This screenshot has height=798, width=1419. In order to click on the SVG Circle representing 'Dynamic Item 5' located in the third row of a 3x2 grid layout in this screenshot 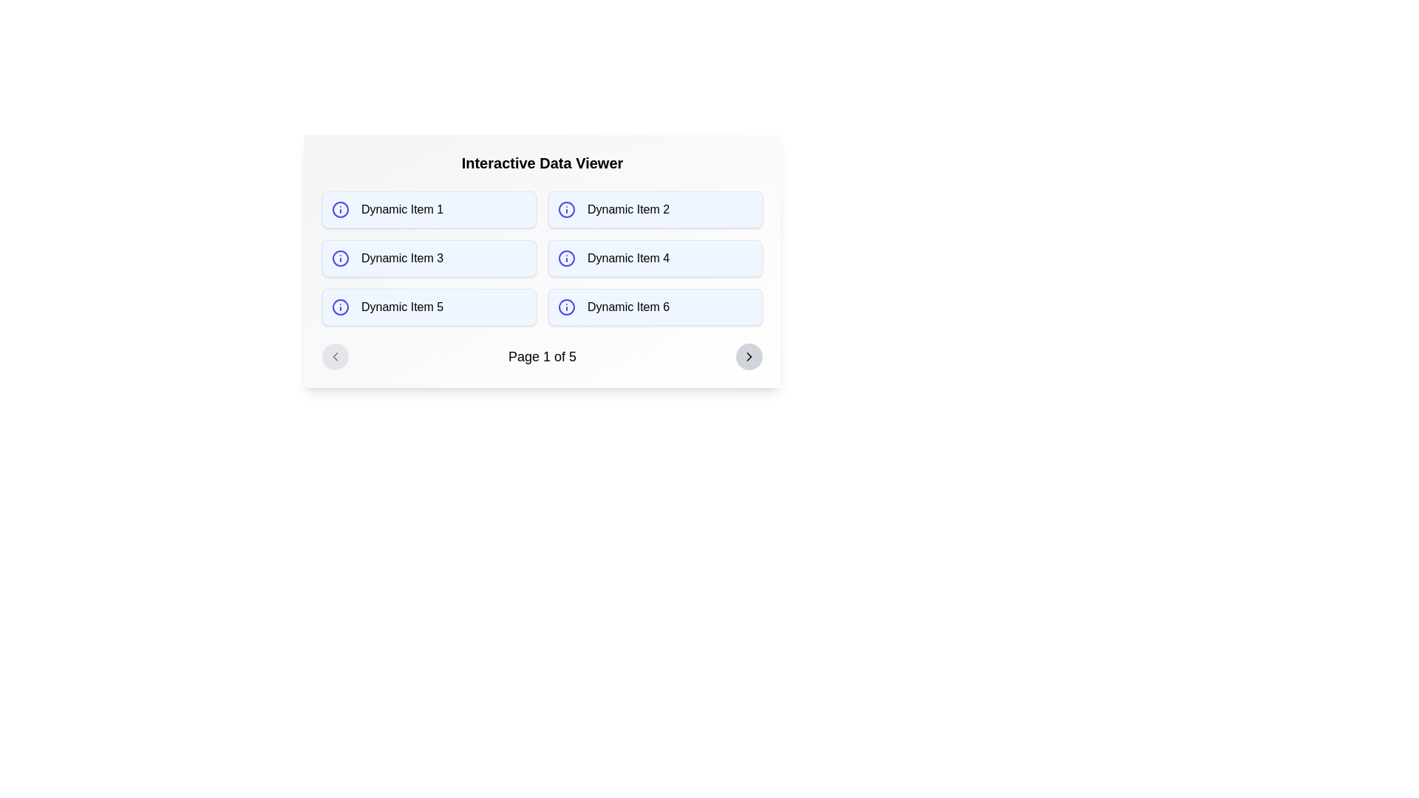, I will do `click(339, 307)`.